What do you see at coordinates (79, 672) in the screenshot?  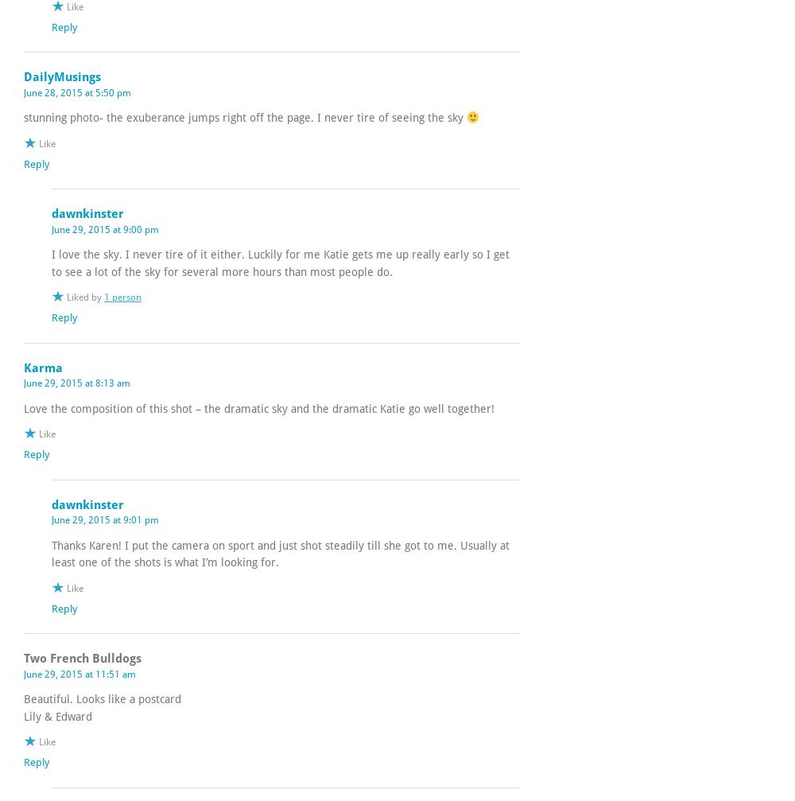 I see `'June 29, 2015 at 11:51 am'` at bounding box center [79, 672].